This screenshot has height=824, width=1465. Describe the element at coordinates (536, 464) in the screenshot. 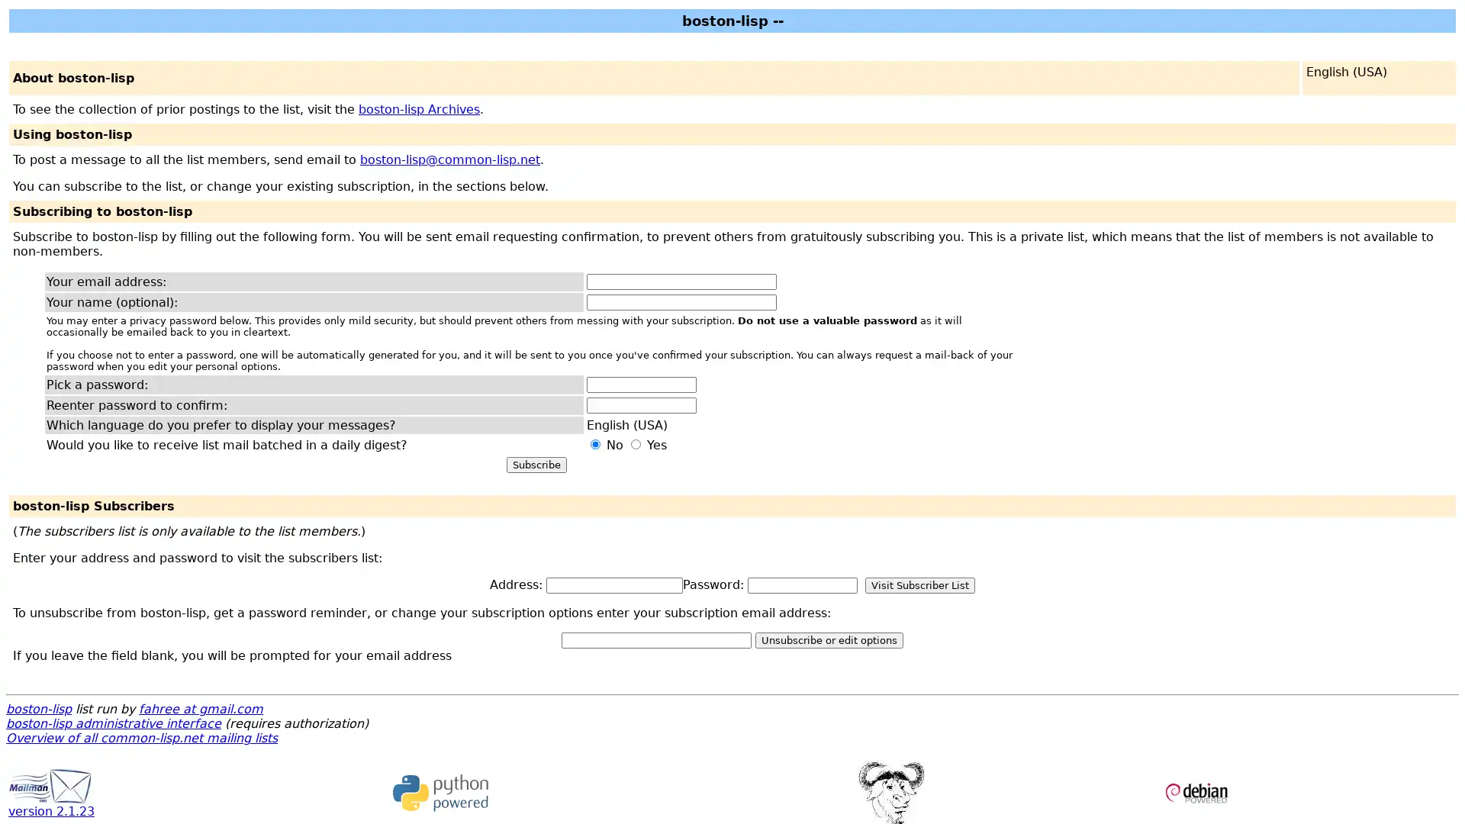

I see `Subscribe` at that location.